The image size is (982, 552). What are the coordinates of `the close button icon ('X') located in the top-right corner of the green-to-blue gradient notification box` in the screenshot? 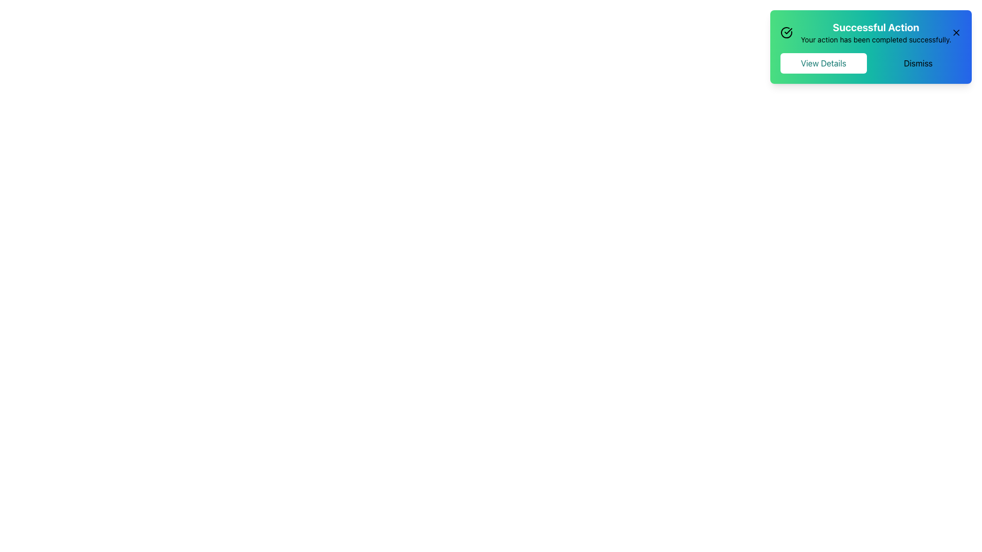 It's located at (956, 32).